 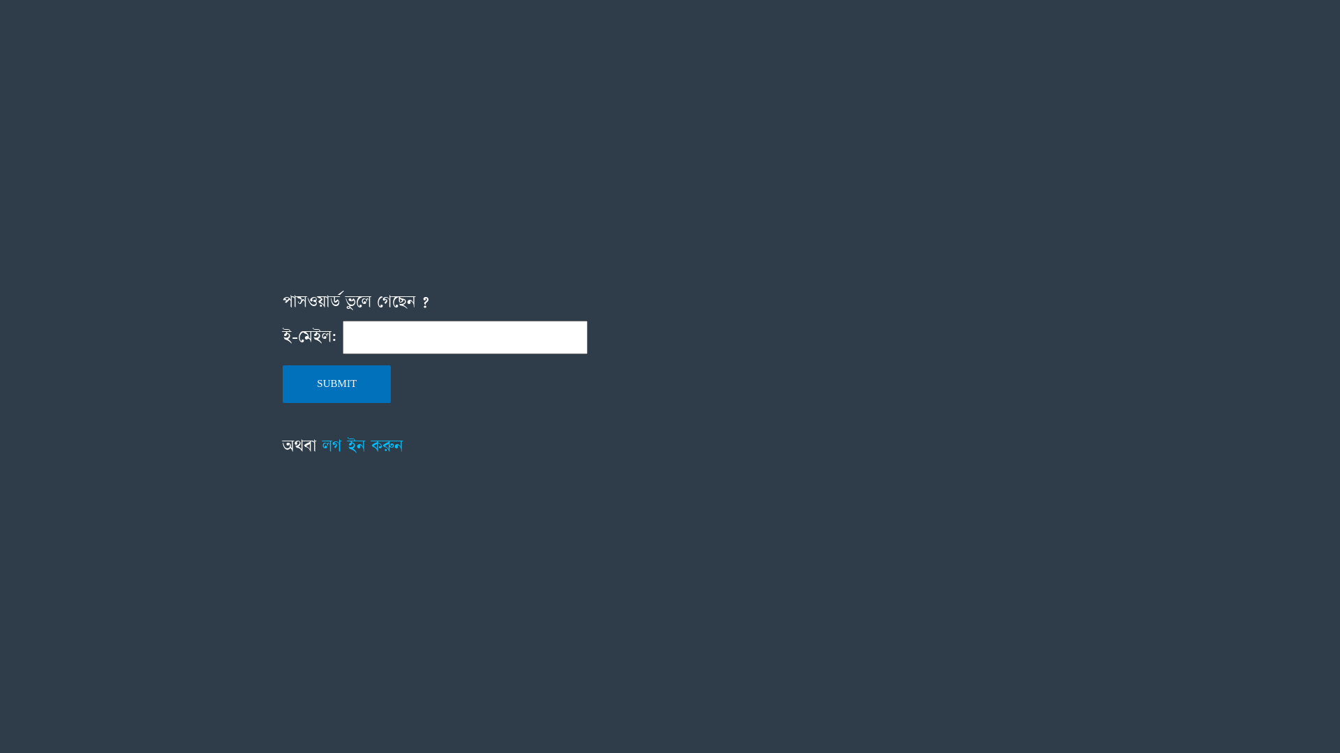 I want to click on 'SUBMIT', so click(x=336, y=384).